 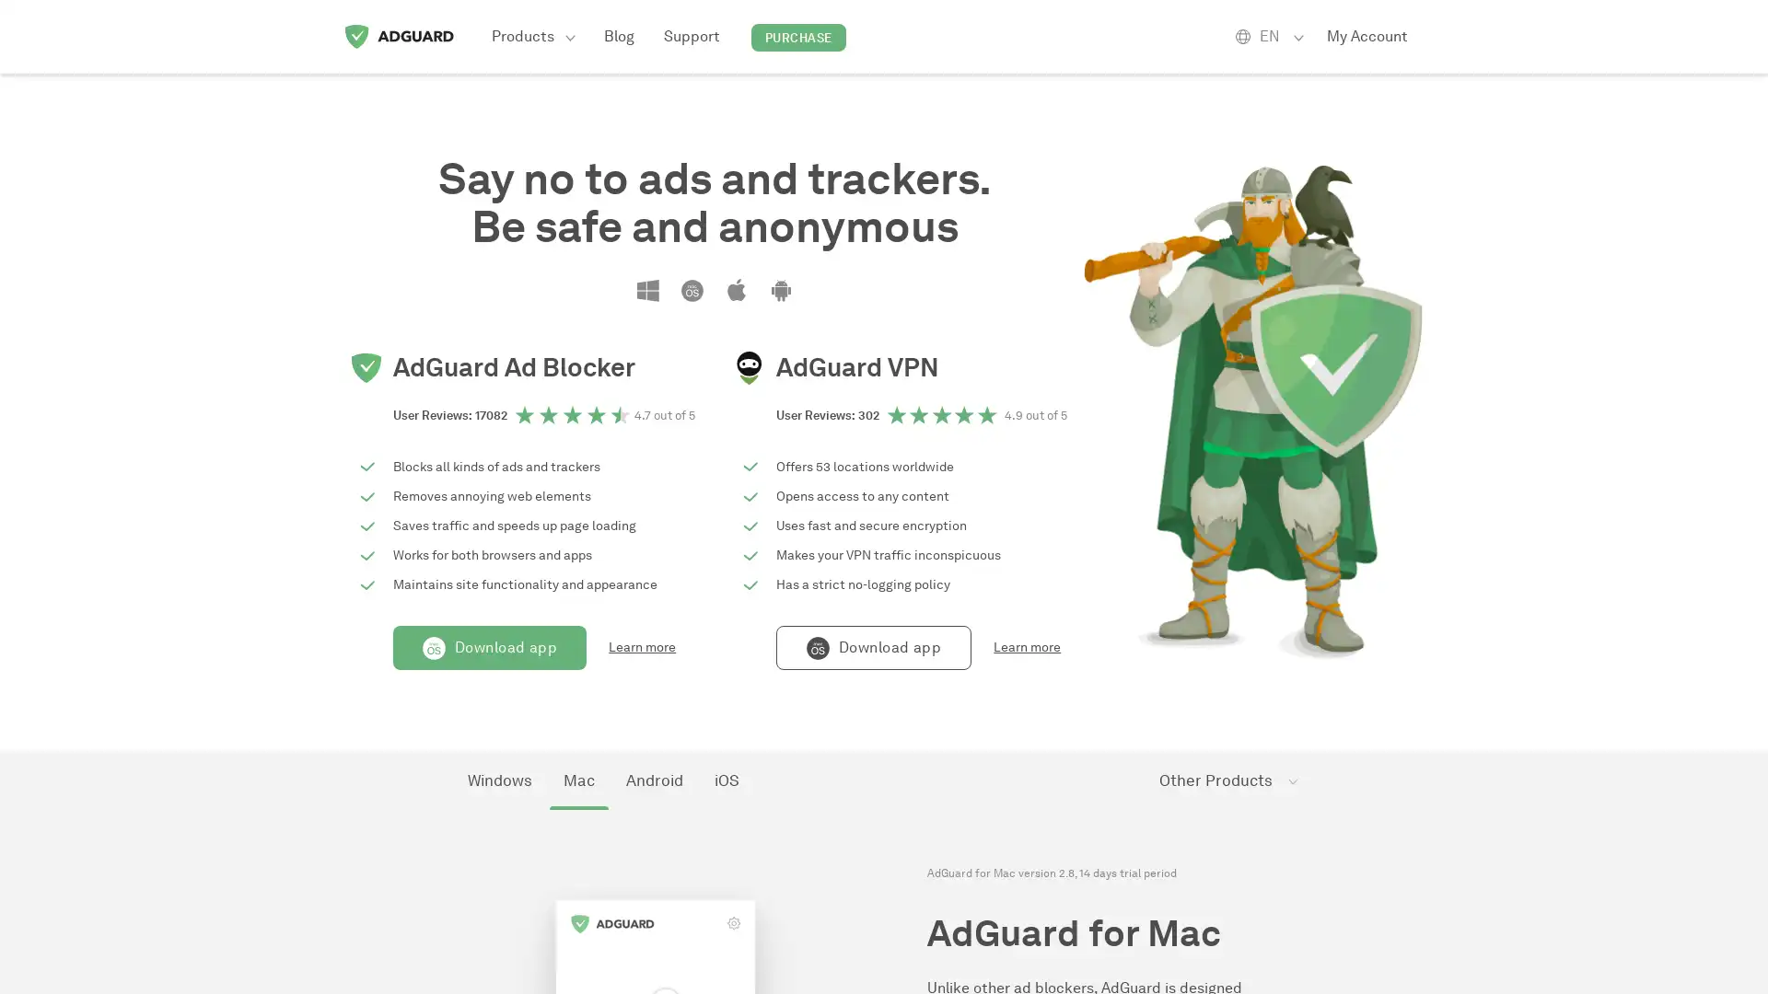 I want to click on iOS, so click(x=726, y=780).